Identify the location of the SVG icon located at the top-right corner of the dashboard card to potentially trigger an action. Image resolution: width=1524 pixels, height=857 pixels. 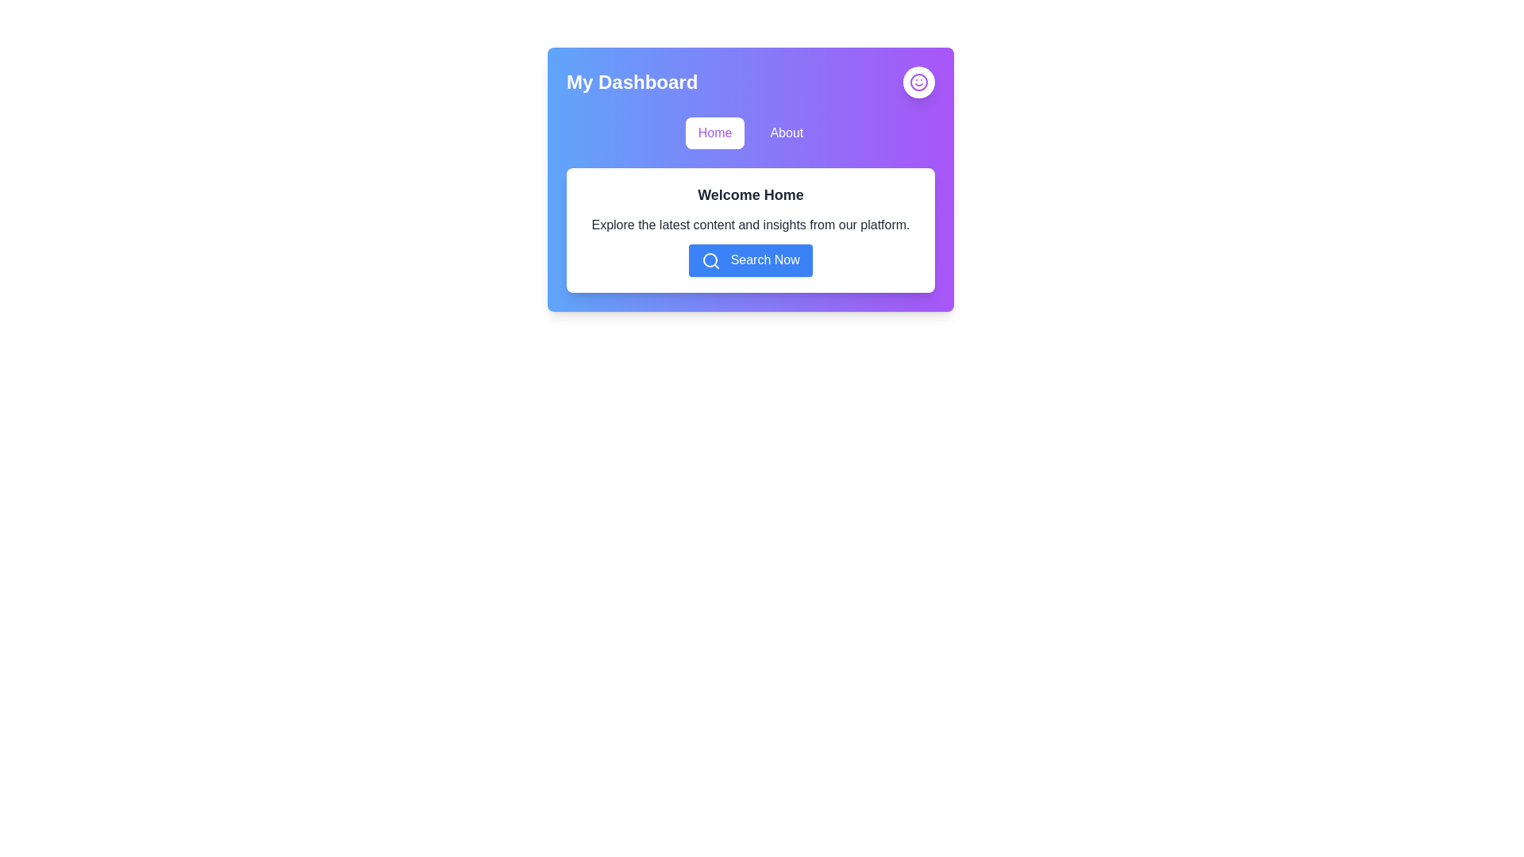
(918, 83).